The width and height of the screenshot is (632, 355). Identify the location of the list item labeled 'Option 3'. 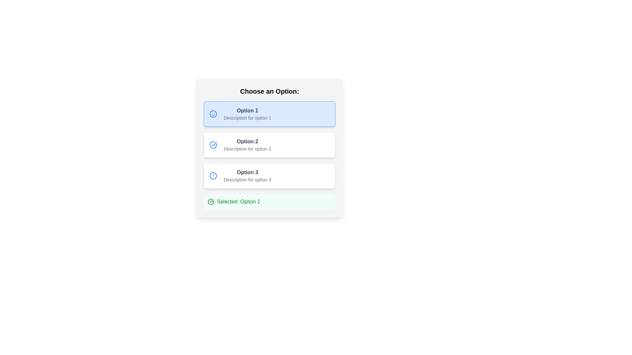
(247, 176).